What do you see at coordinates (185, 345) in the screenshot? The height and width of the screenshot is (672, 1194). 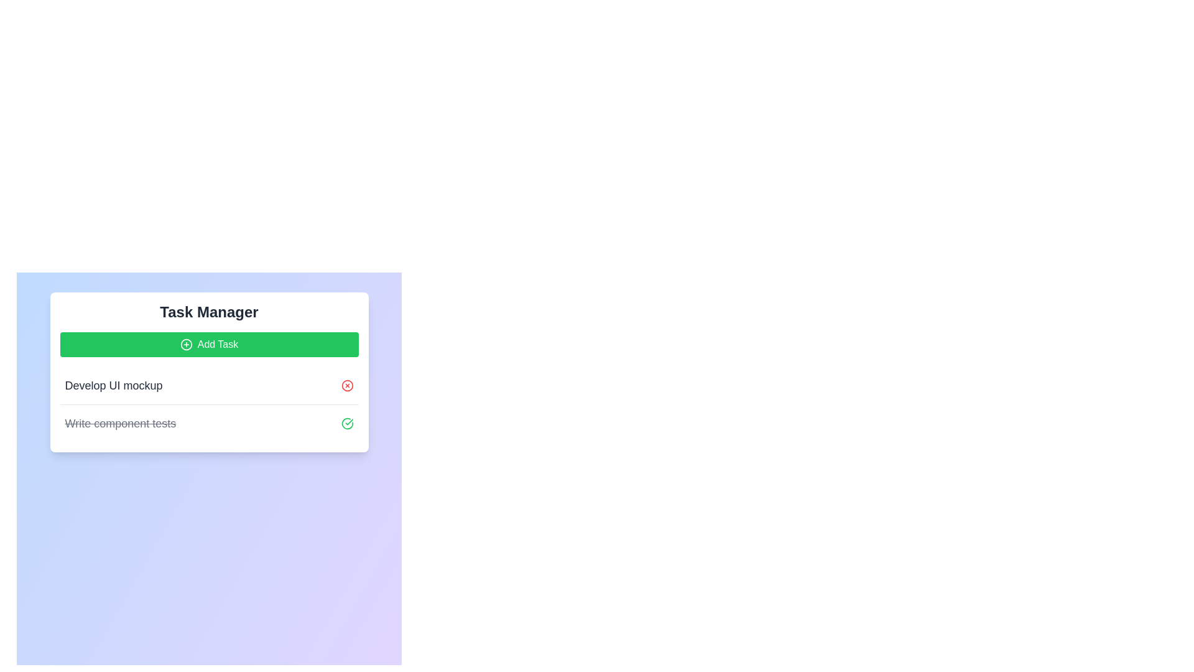 I see `the SVG Circle element, which is part of the 'Add Task' button located in the top section of the application` at bounding box center [185, 345].